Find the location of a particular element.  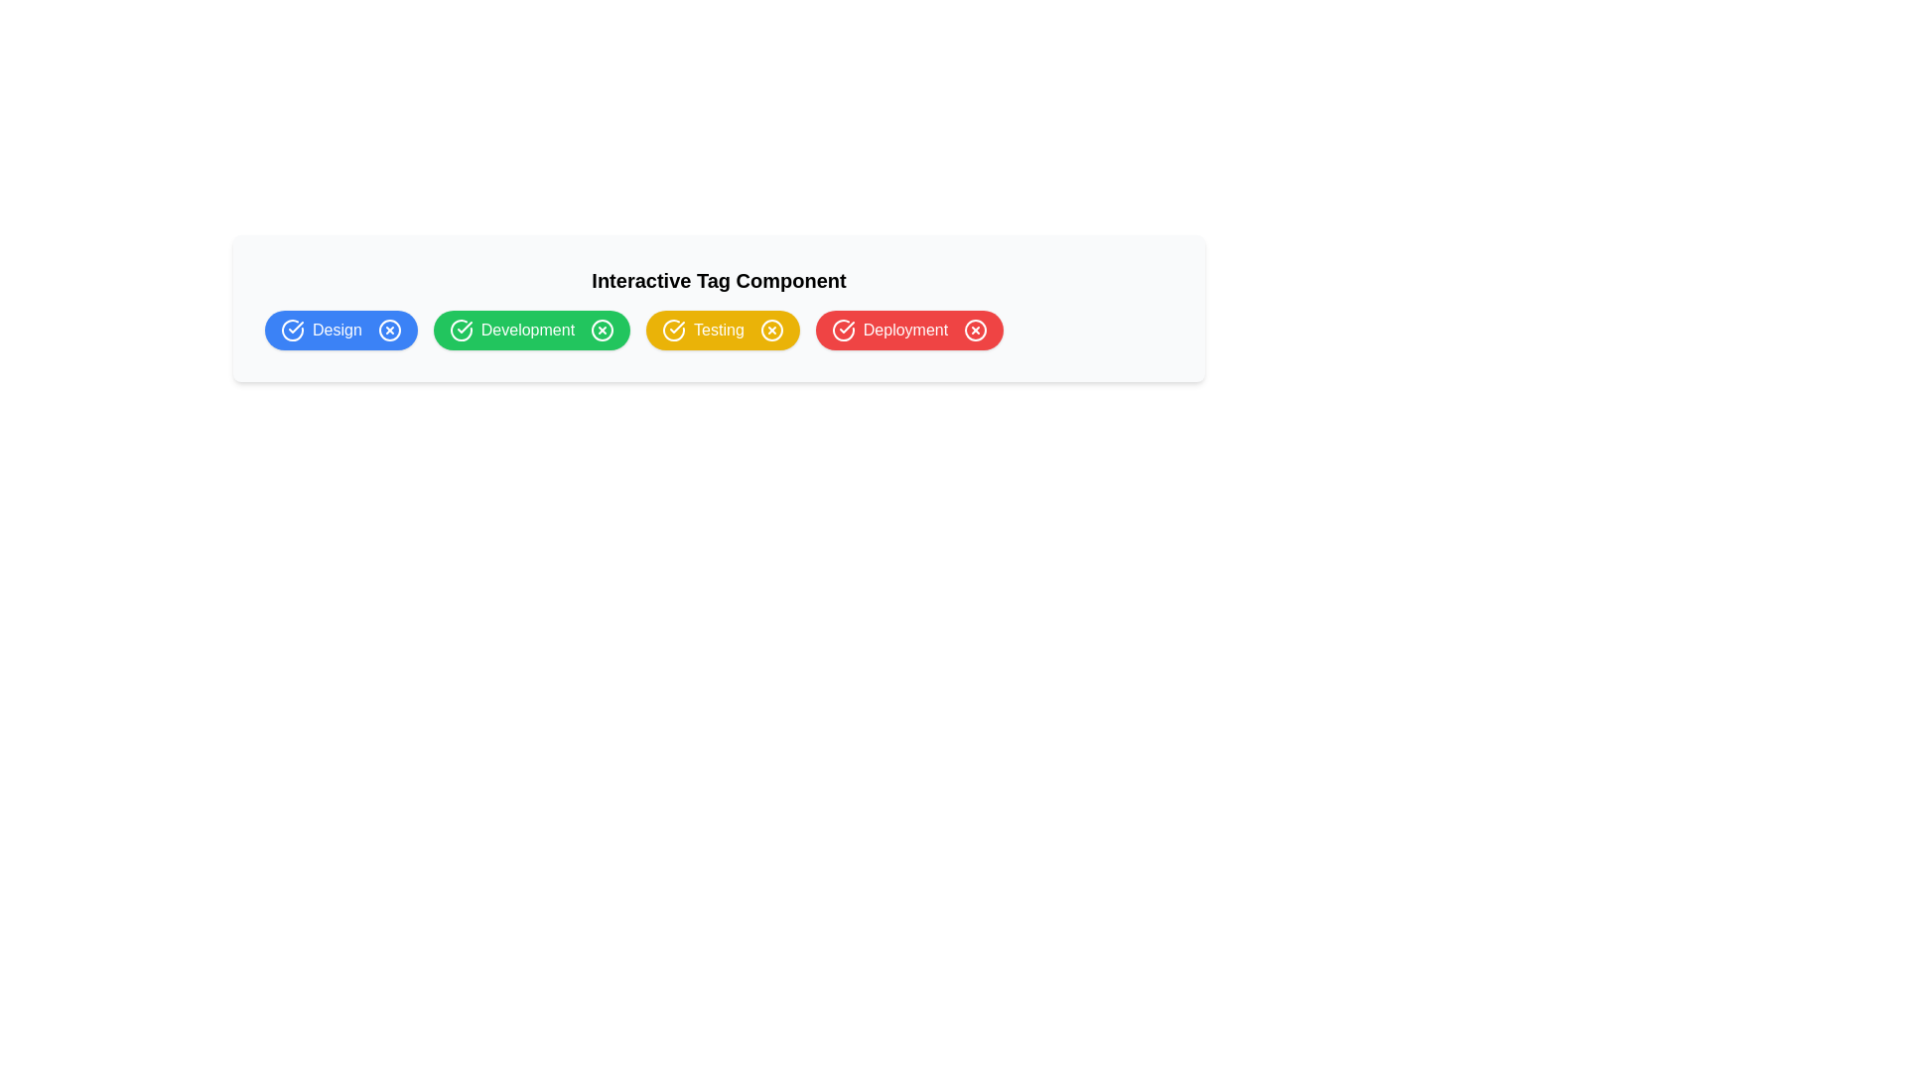

the circular icon with an 'X' inside the blue 'Design' button is located at coordinates (389, 329).